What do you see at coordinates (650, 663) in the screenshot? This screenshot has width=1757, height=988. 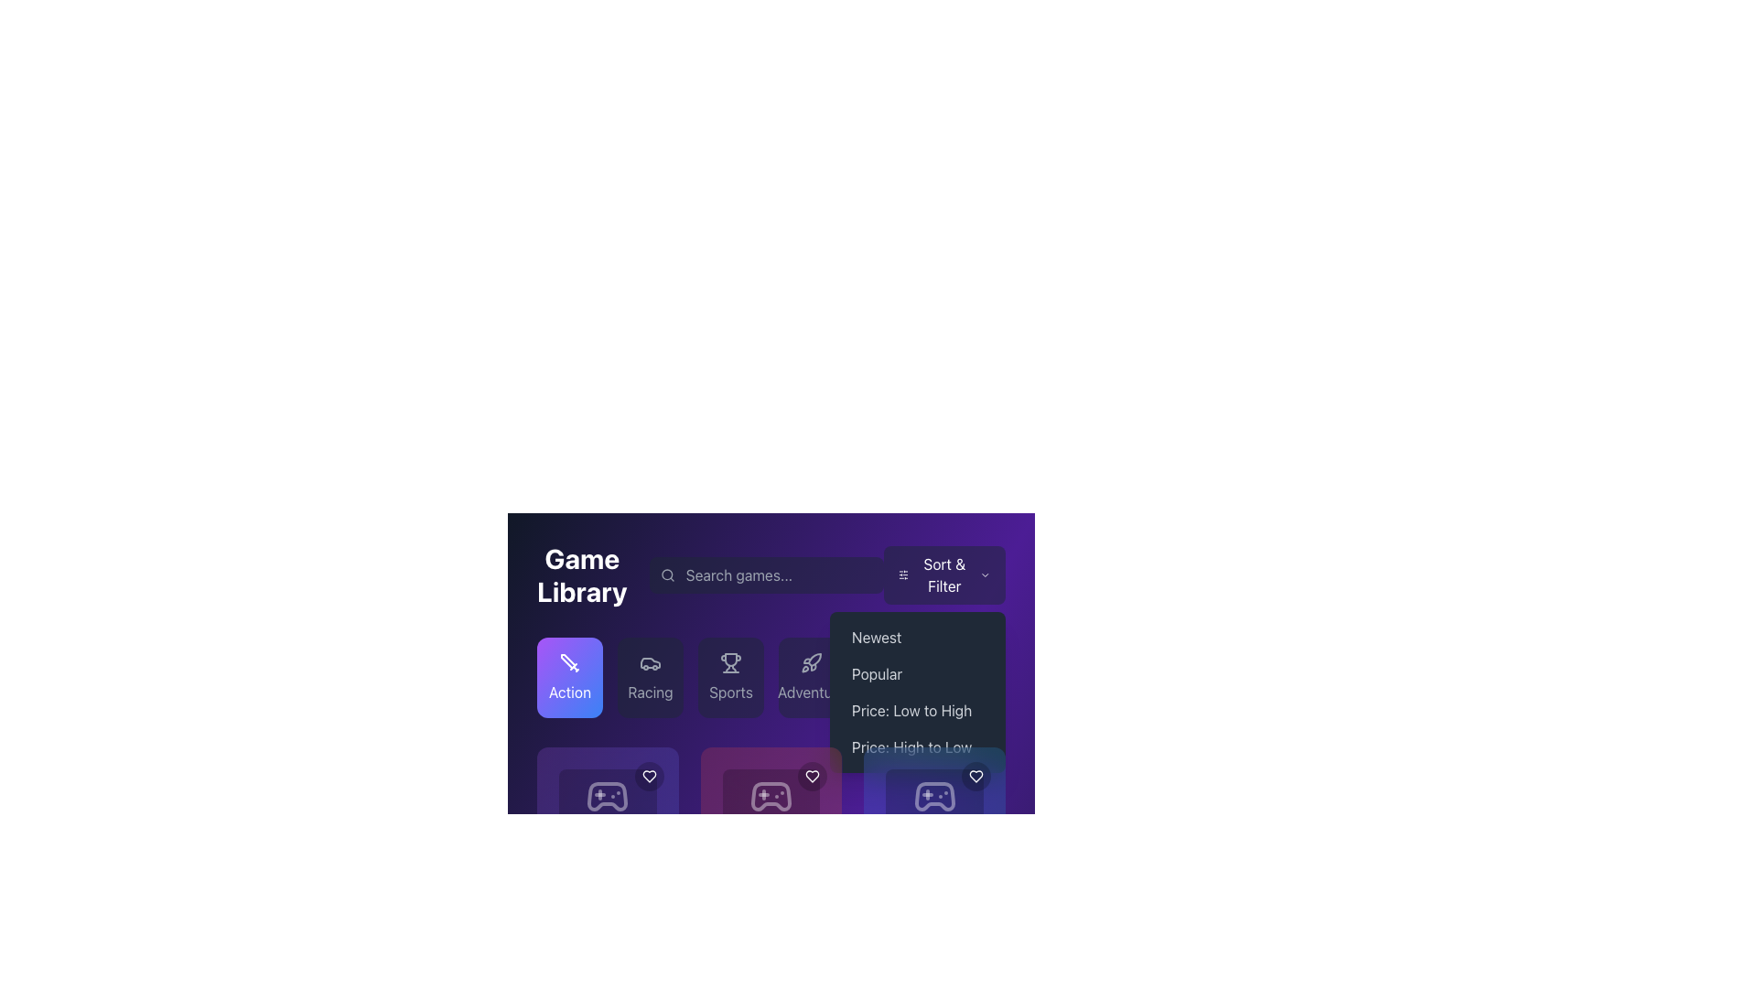 I see `the car-related category icon to trigger a tooltip or visual feedback` at bounding box center [650, 663].